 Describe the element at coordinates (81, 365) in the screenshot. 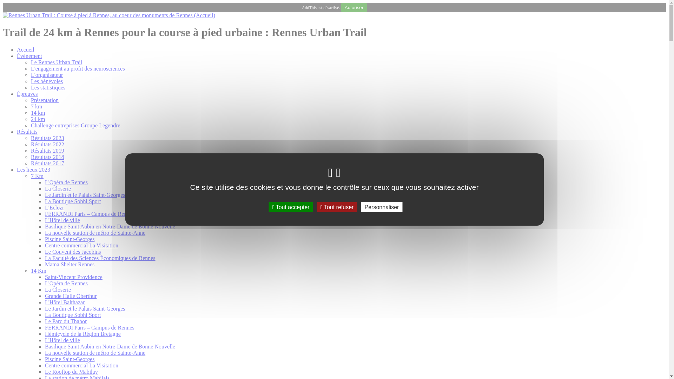

I see `'Centre commercial La Visitation'` at that location.